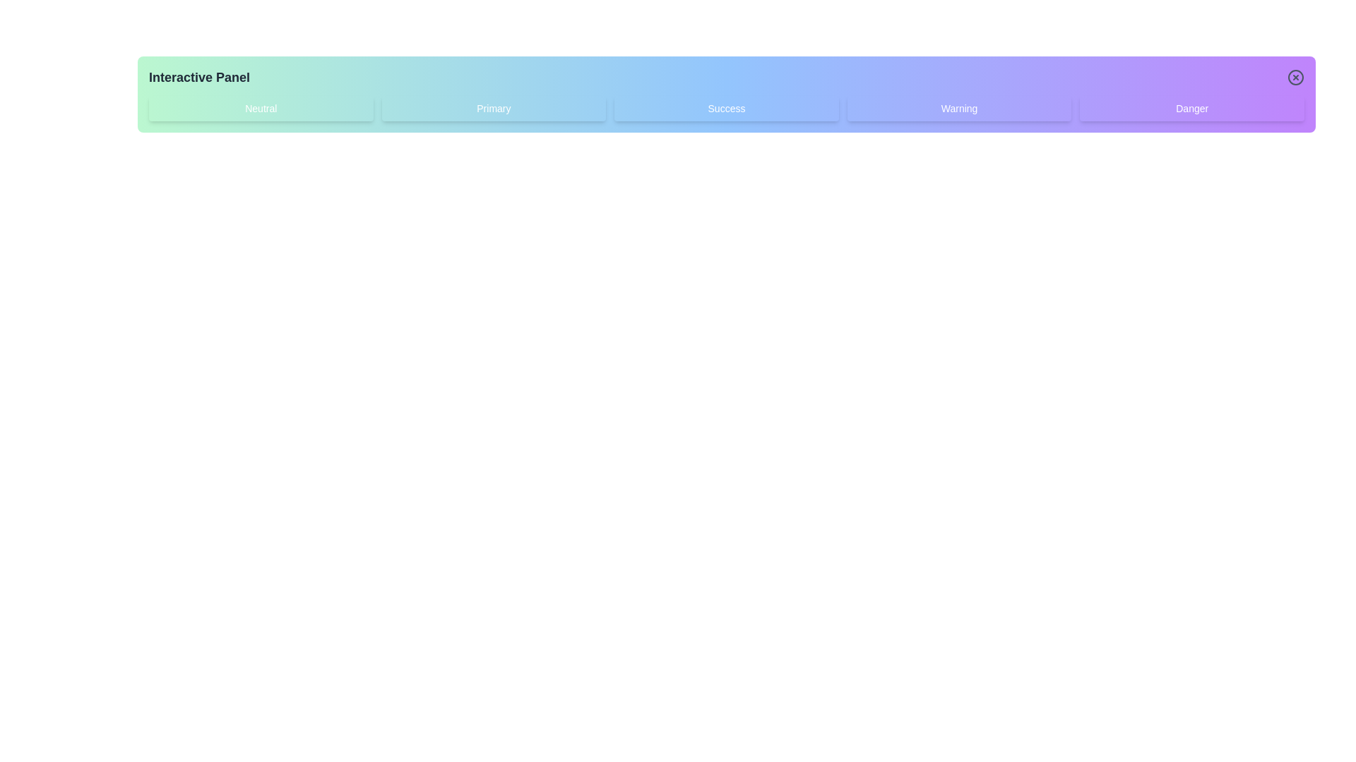 The width and height of the screenshot is (1356, 762). Describe the element at coordinates (1295, 78) in the screenshot. I see `the close button located at the far-right edge of the 'Interactive Panel' to hide or close the associated UI component` at that location.